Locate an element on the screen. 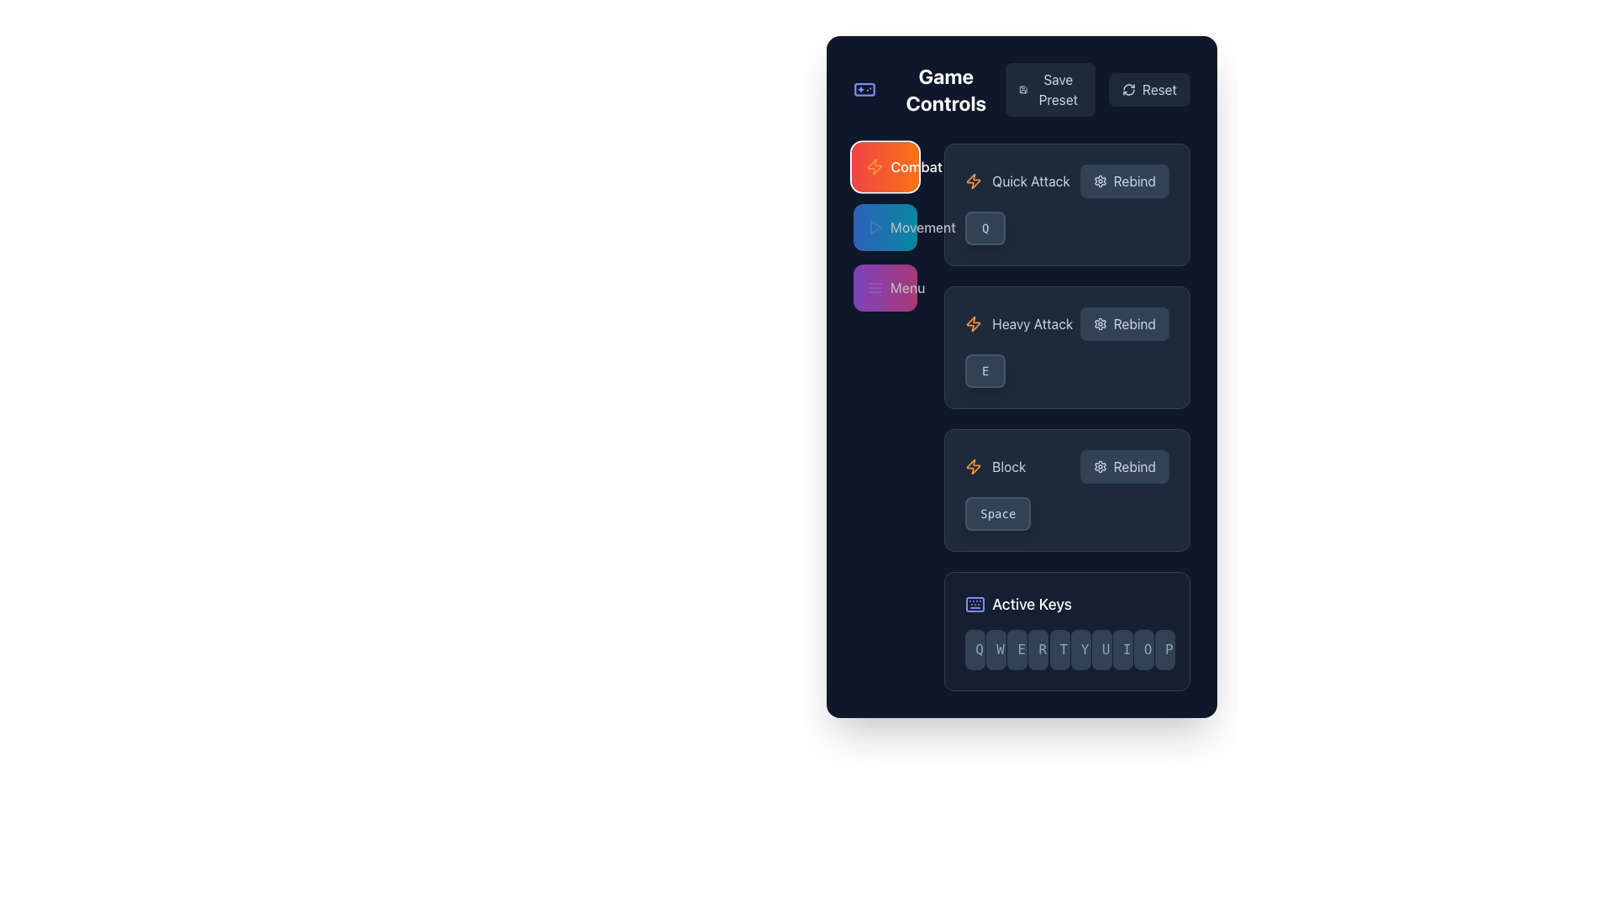 The width and height of the screenshot is (1613, 907). the orange-colored lightning bolt icon representing energy or action, located within the 'Combat' button on the left-hand side of the interface is located at coordinates (974, 181).